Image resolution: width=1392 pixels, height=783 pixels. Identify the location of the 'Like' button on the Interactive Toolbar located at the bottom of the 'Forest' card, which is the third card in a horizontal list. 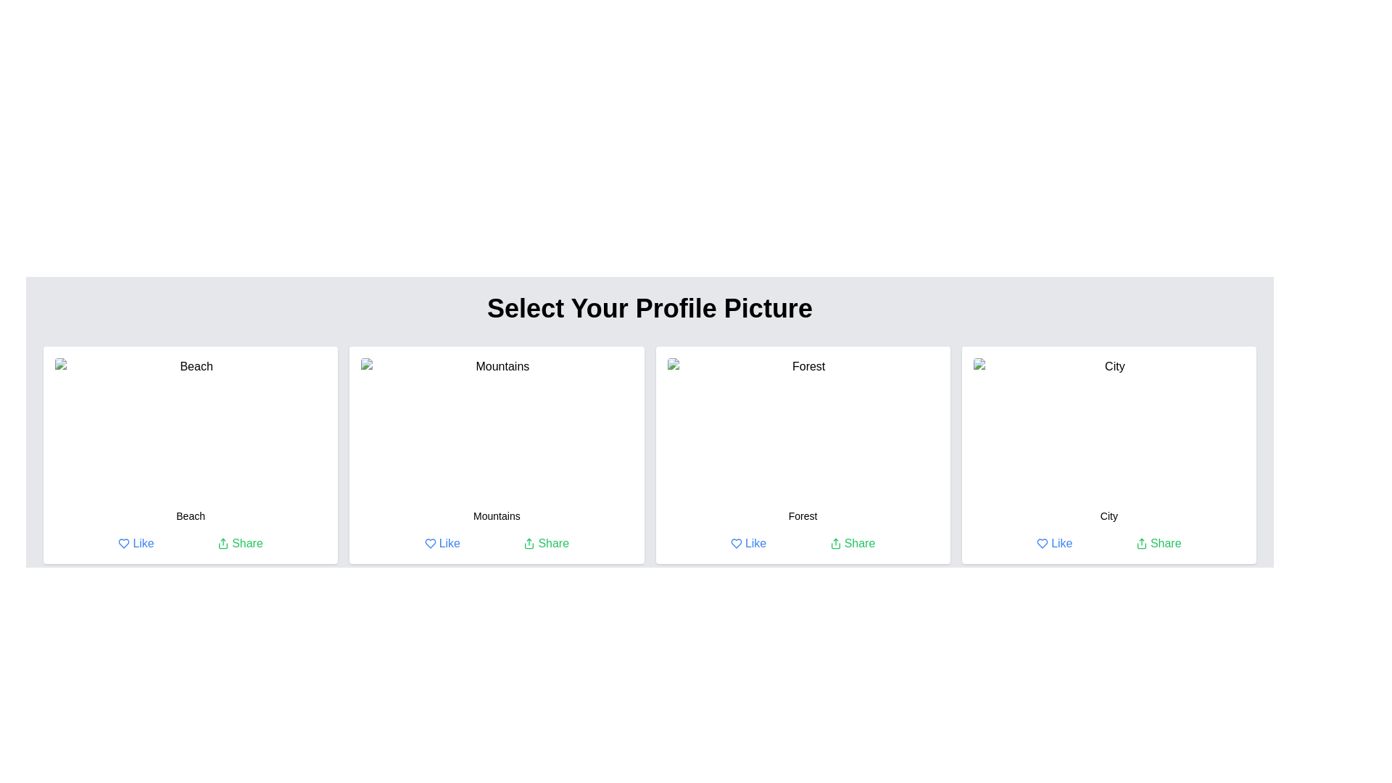
(802, 543).